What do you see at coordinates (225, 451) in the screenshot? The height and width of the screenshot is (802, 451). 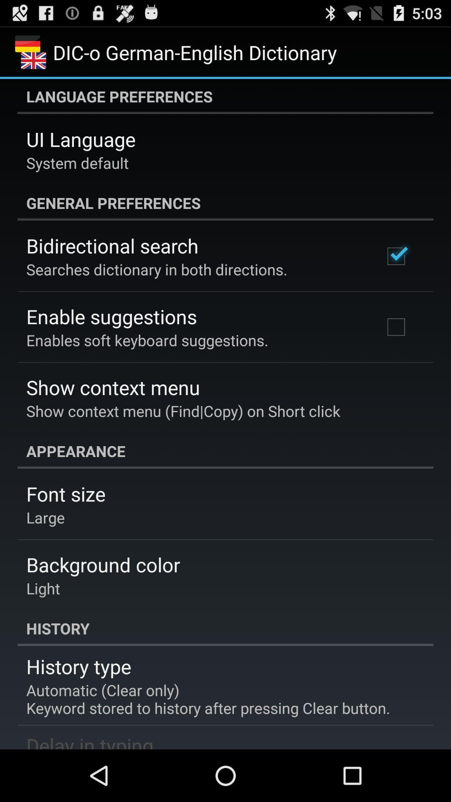 I see `appearance item` at bounding box center [225, 451].